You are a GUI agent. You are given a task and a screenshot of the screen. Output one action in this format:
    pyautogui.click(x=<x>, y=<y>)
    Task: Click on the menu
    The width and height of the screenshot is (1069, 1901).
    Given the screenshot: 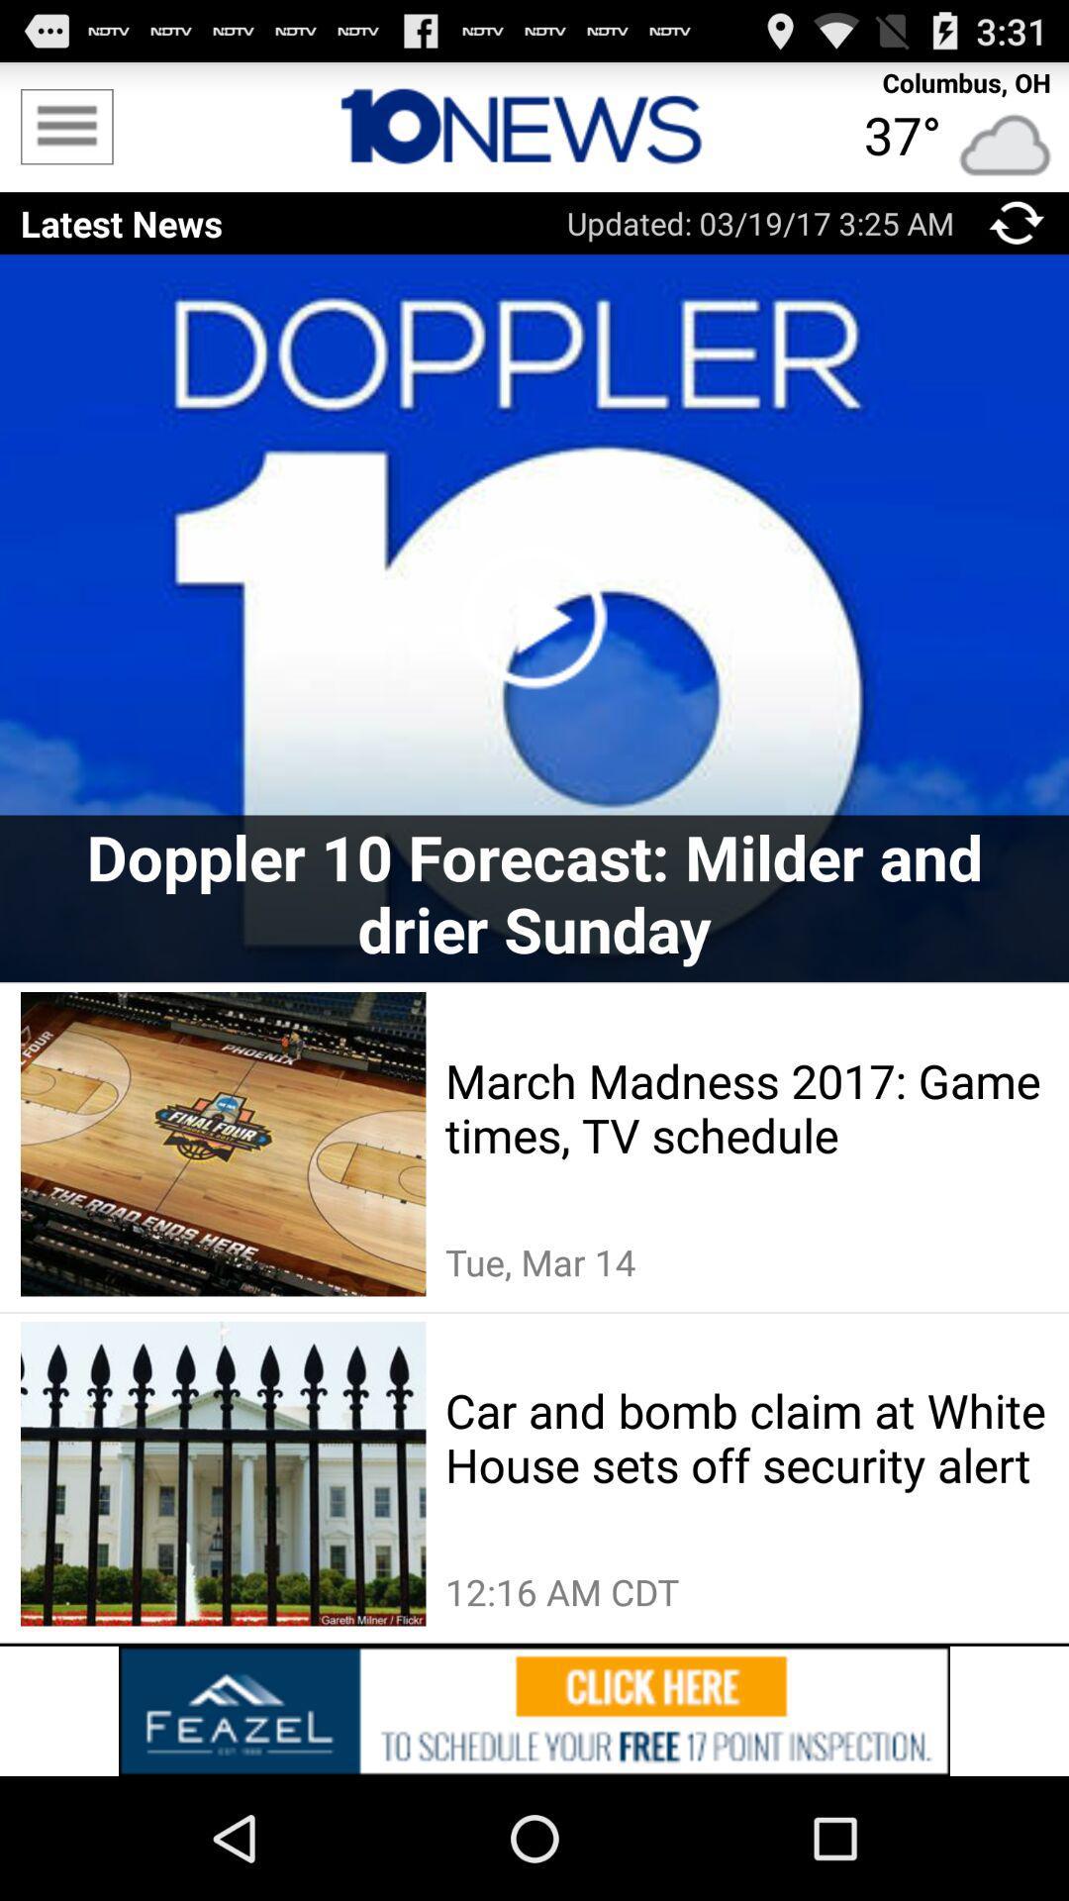 What is the action you would take?
    pyautogui.click(x=65, y=126)
    